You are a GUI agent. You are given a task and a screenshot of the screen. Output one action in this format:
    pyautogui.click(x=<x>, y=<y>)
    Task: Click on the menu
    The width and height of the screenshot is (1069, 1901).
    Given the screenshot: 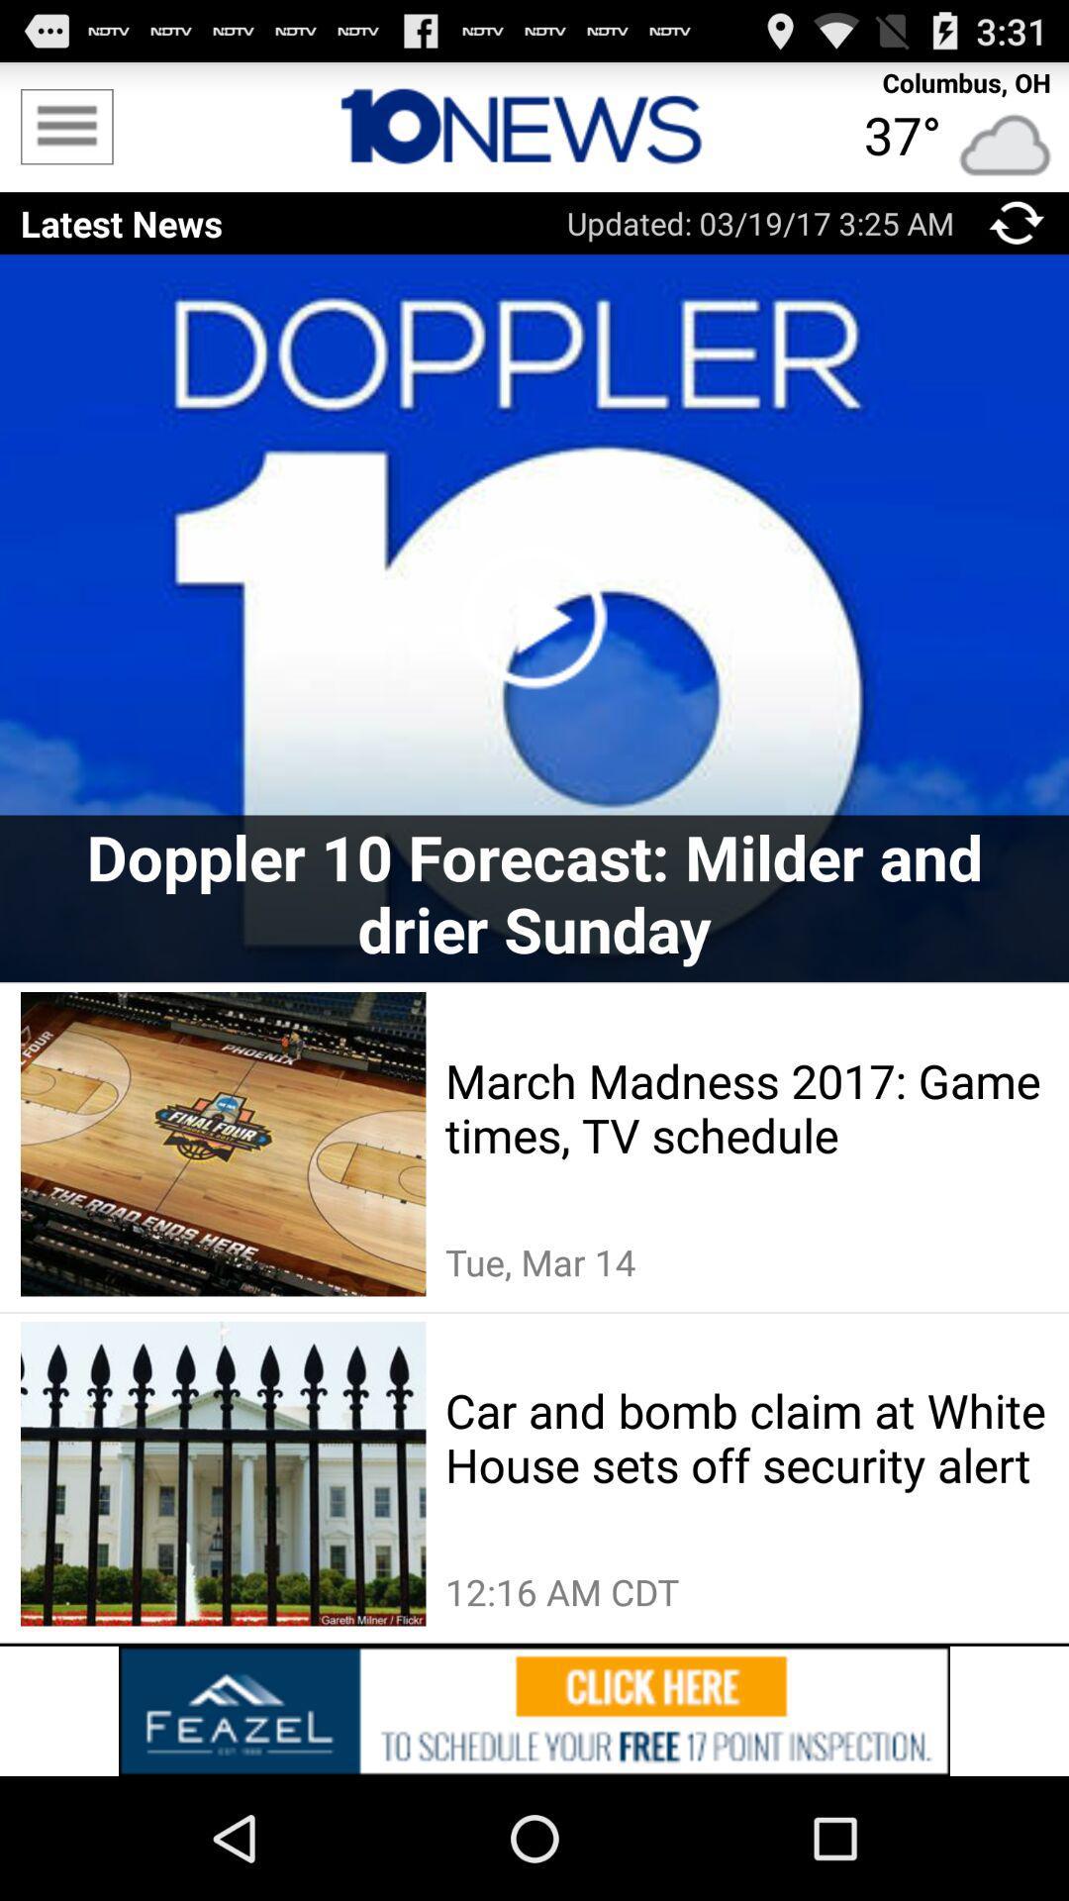 What is the action you would take?
    pyautogui.click(x=65, y=126)
    